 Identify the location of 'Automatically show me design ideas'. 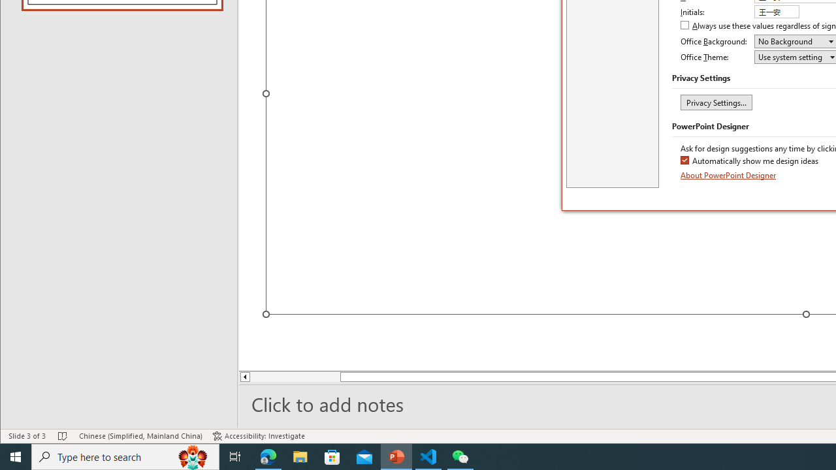
(750, 161).